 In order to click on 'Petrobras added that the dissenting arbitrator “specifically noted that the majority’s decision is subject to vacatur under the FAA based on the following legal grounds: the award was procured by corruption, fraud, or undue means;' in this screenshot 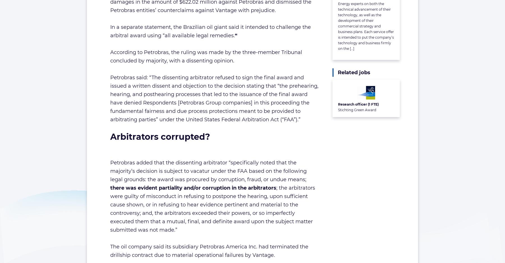, I will do `click(208, 171)`.